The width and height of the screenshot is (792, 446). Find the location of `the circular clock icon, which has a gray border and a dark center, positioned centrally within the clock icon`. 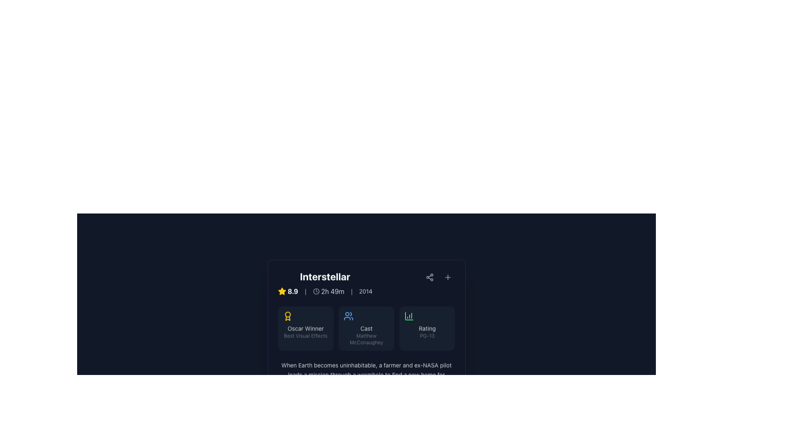

the circular clock icon, which has a gray border and a dark center, positioned centrally within the clock icon is located at coordinates (316, 291).